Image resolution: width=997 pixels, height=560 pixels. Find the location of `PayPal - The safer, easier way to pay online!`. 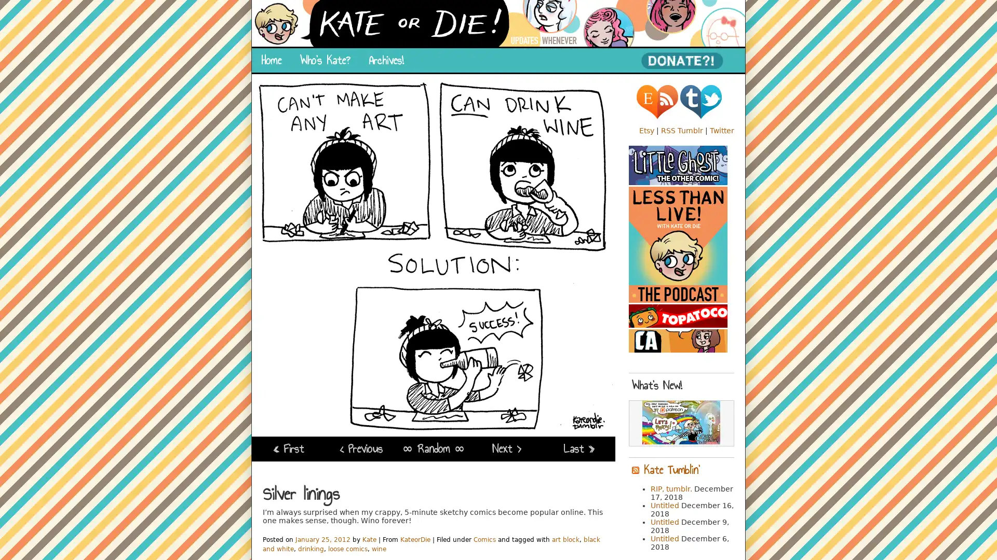

PayPal - The safer, easier way to pay online! is located at coordinates (681, 61).